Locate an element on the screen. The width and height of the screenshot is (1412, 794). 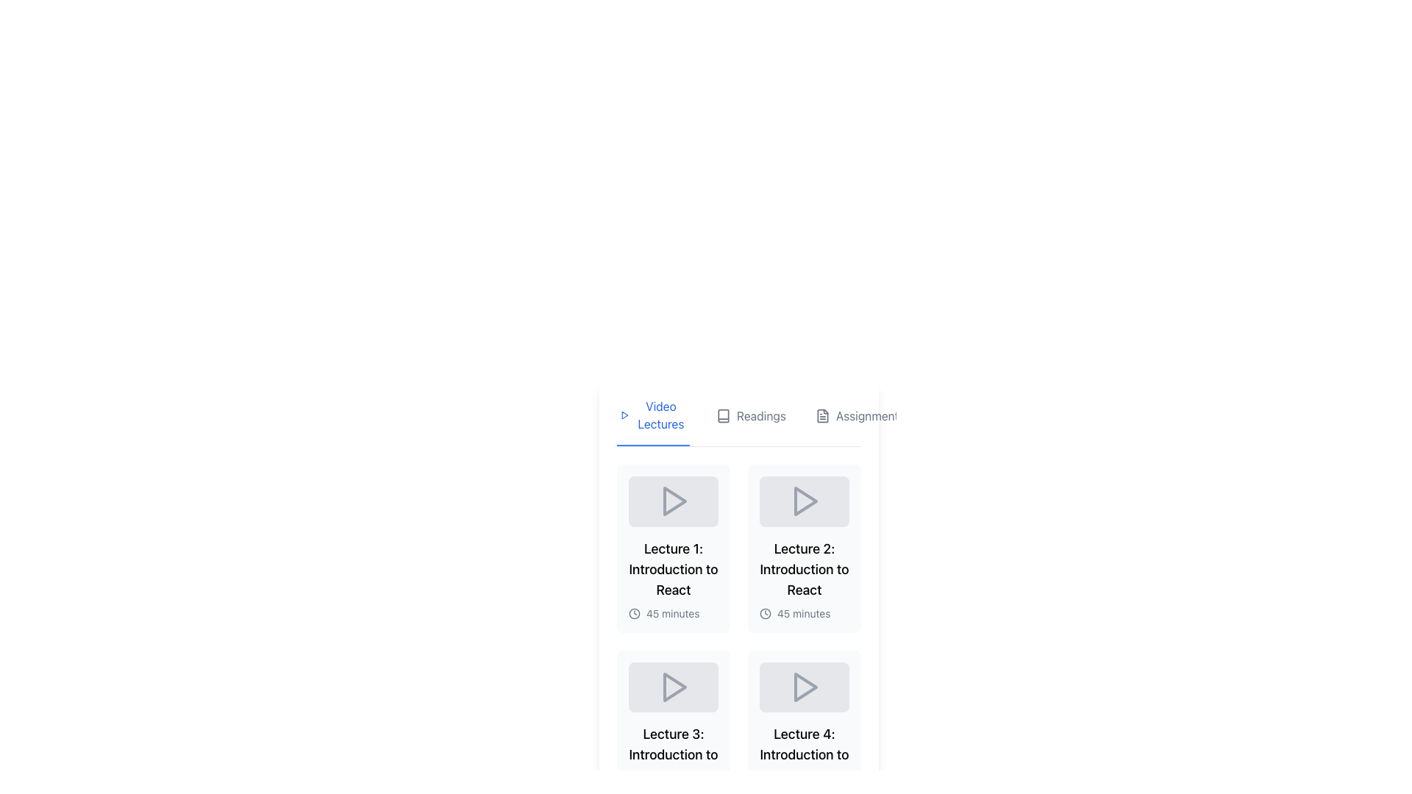
the triangular play icon located within a light gray circular background is located at coordinates (674, 501).